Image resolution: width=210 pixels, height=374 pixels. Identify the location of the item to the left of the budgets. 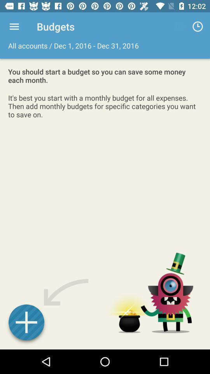
(14, 26).